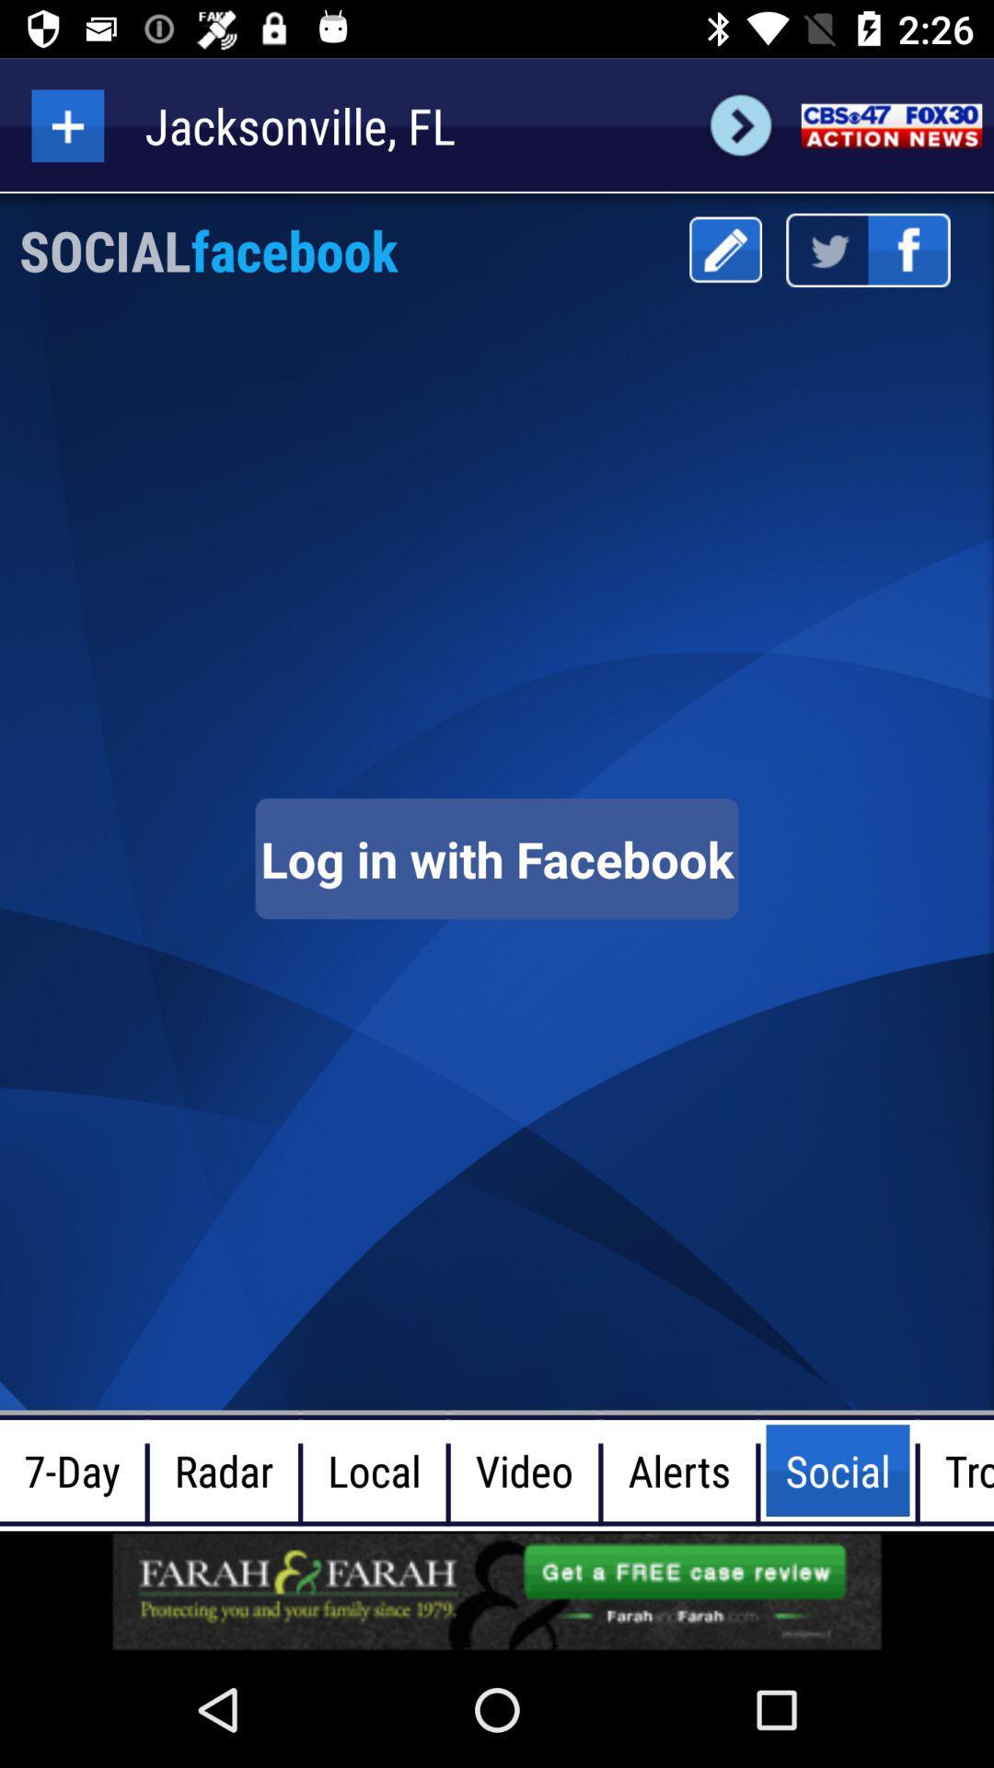  Describe the element at coordinates (66, 124) in the screenshot. I see `a new contact` at that location.